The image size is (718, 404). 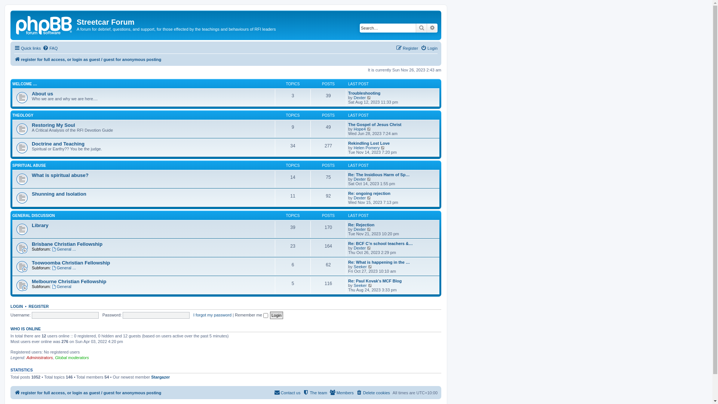 I want to click on 'THEOLOGY', so click(x=23, y=115).